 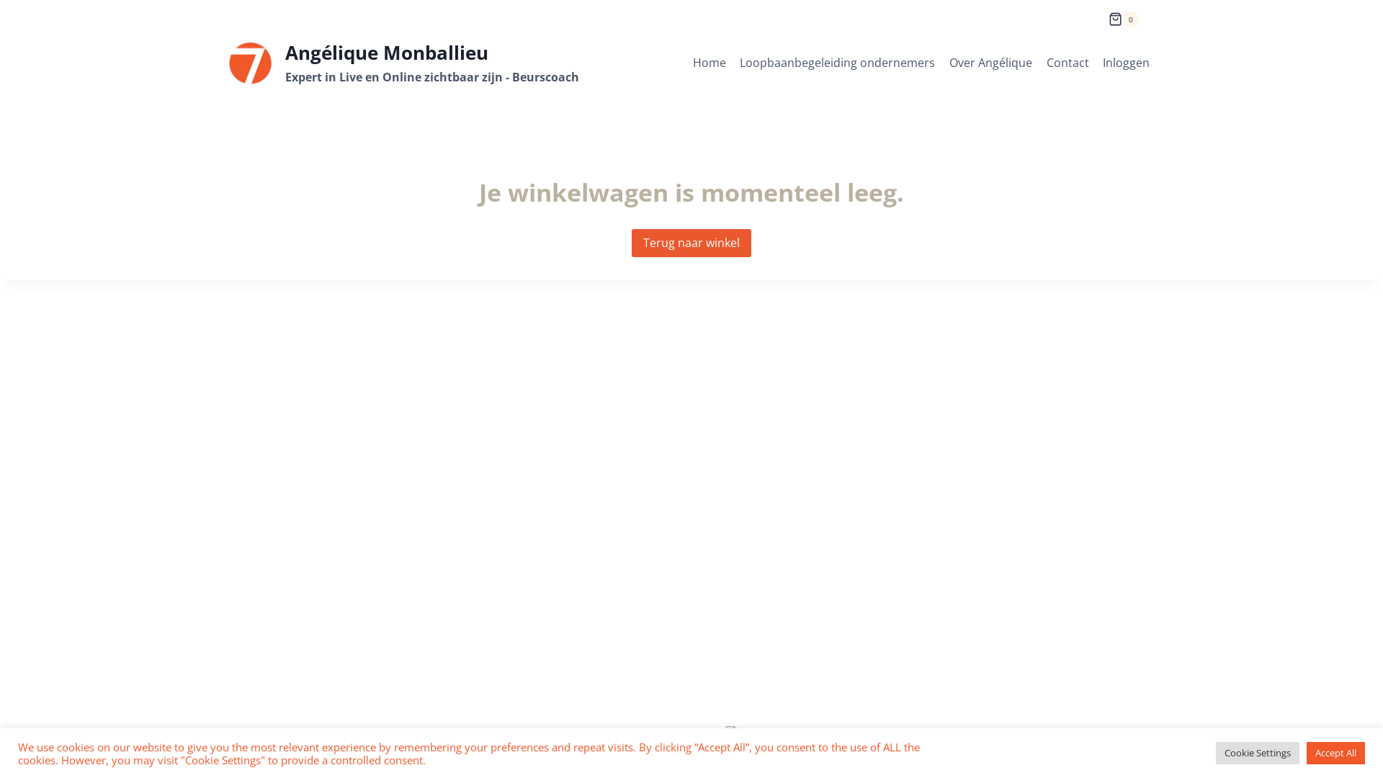 I want to click on 'Contact', so click(x=1068, y=62).